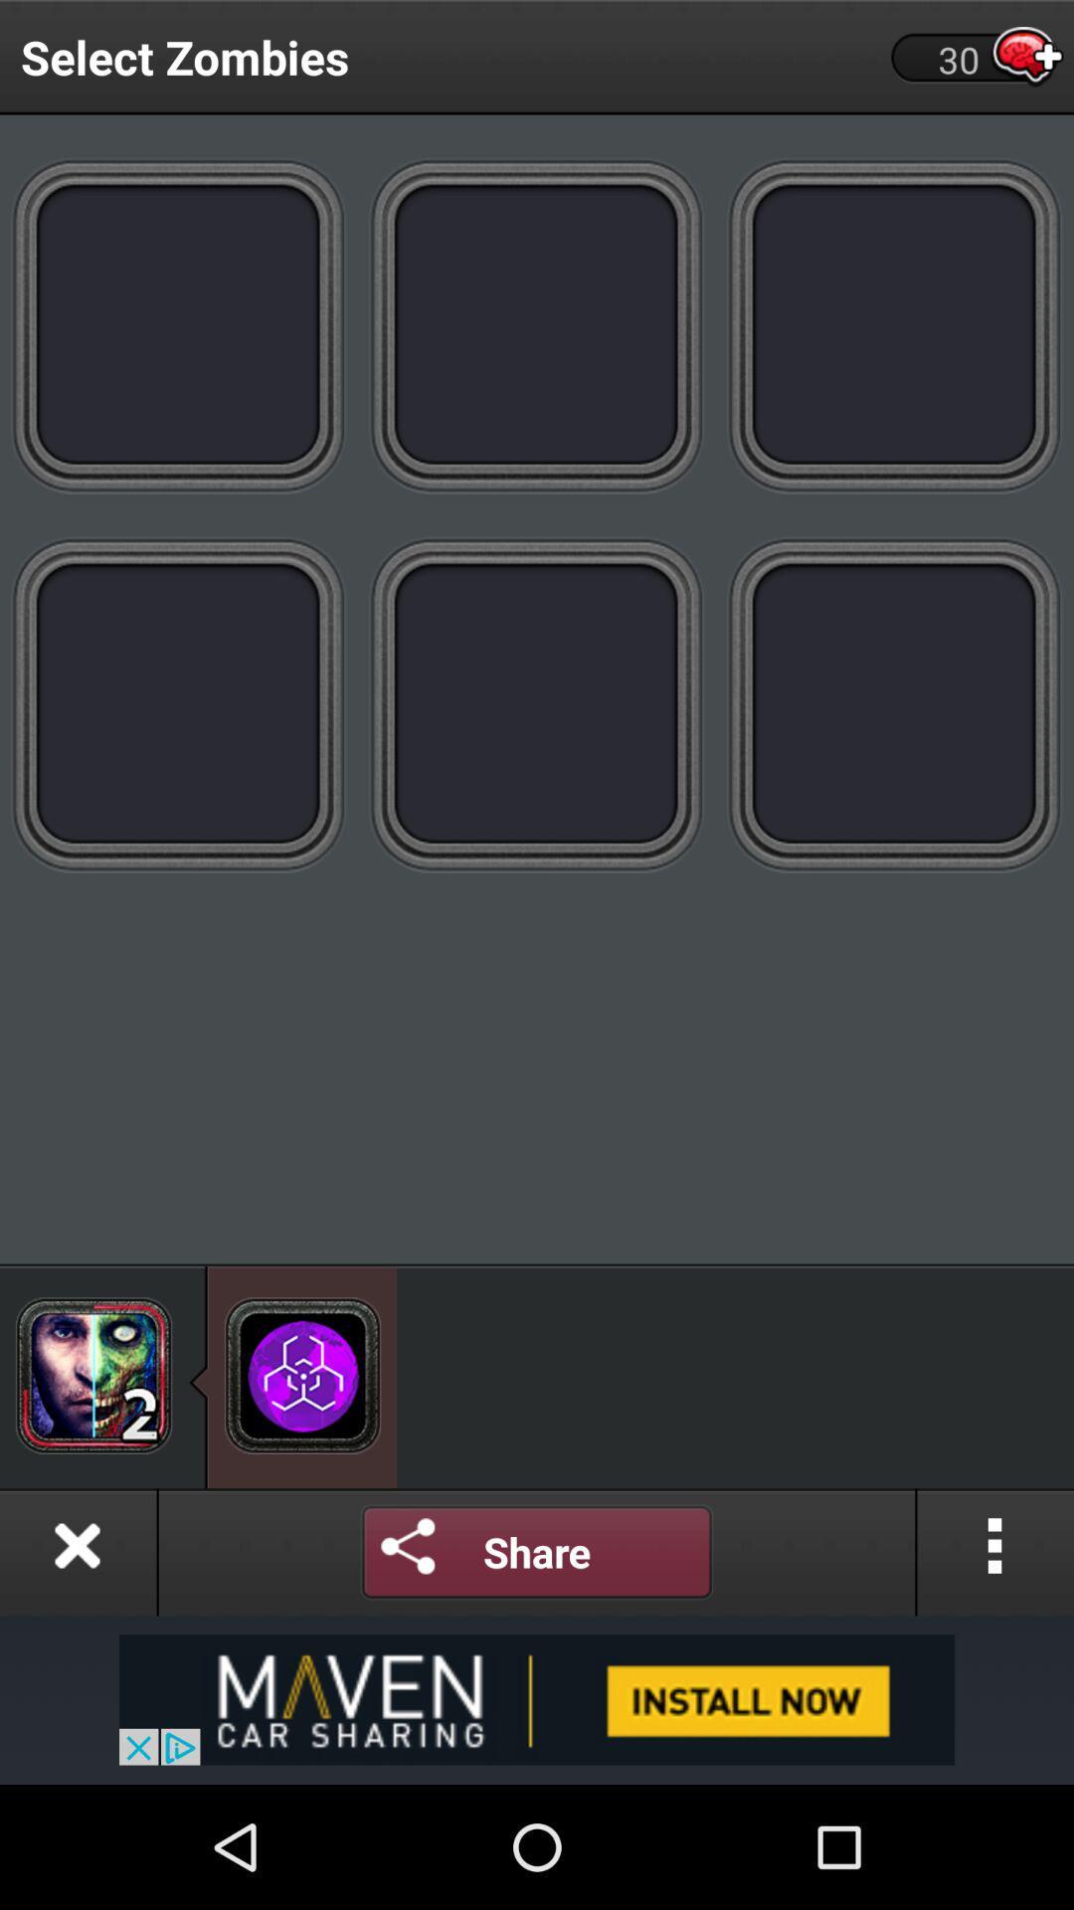  I want to click on space, so click(893, 704).